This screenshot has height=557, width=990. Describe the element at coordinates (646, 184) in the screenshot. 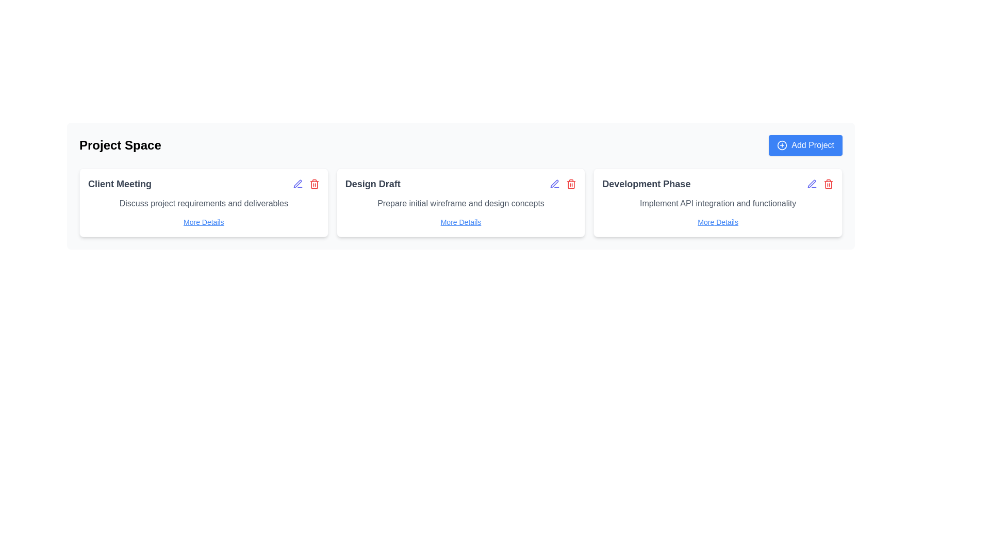

I see `the title text element representing the 'Development Phase' in the third card from the left, positioned at the top of the card` at that location.